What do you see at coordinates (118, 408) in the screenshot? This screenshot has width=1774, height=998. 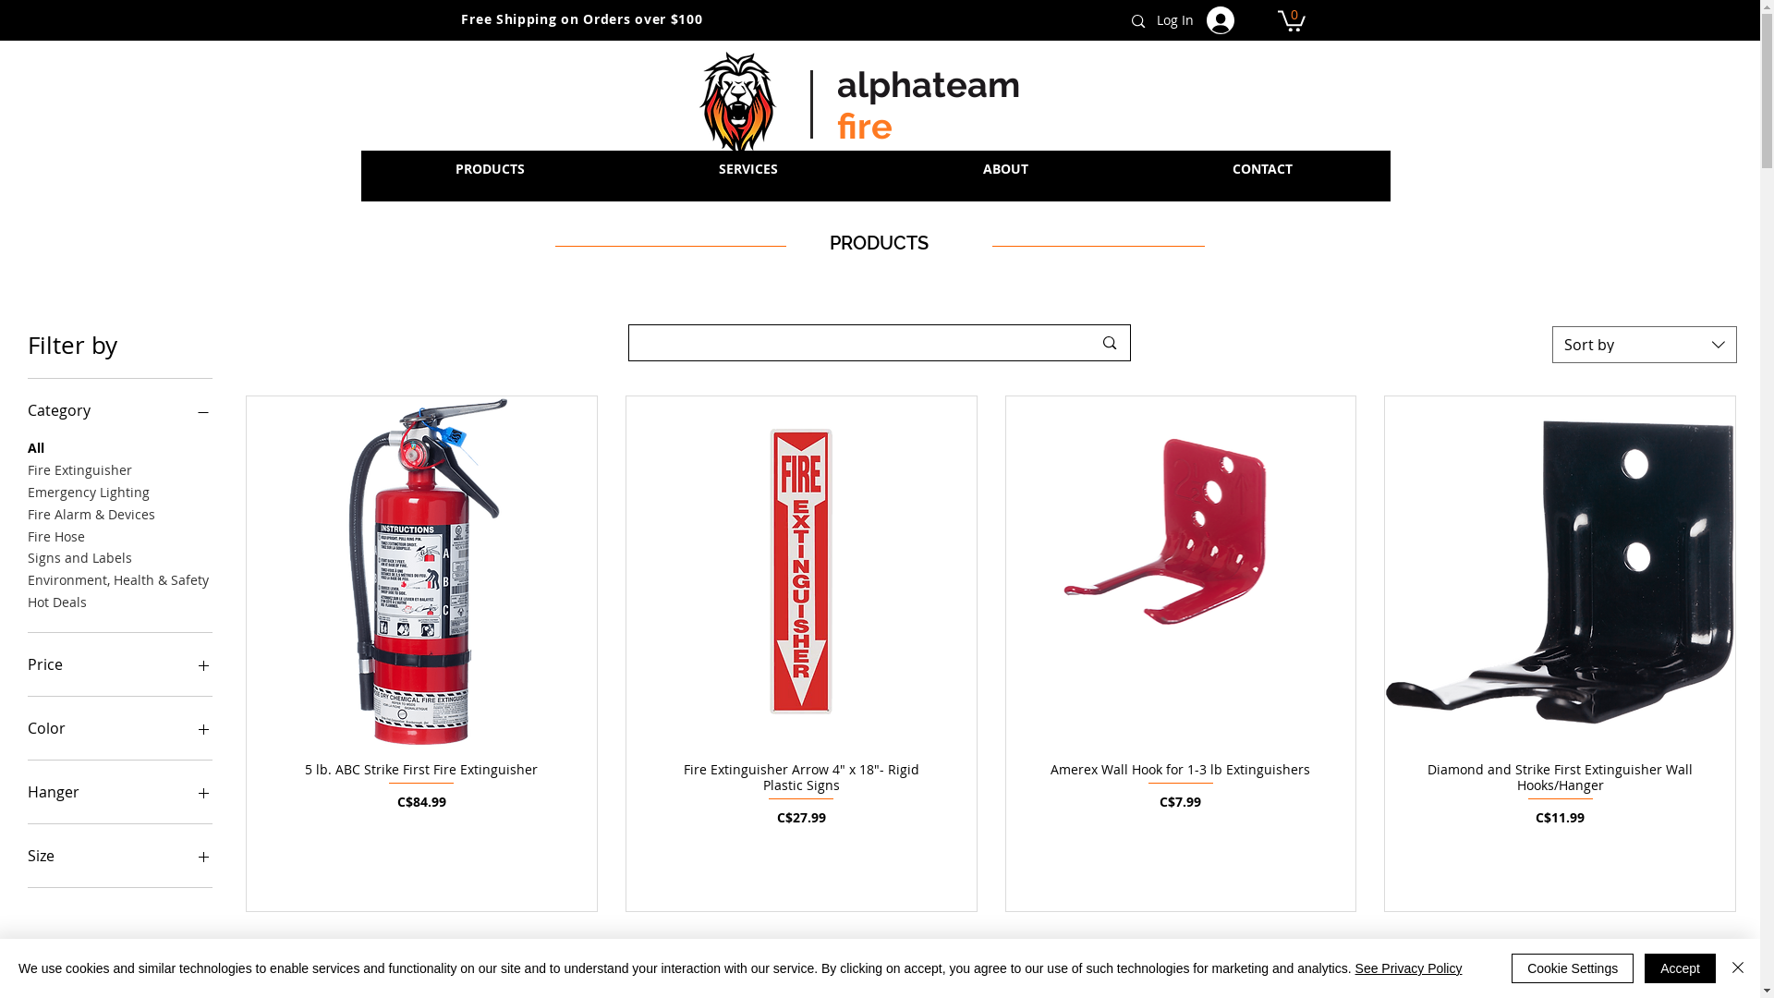 I see `'Category'` at bounding box center [118, 408].